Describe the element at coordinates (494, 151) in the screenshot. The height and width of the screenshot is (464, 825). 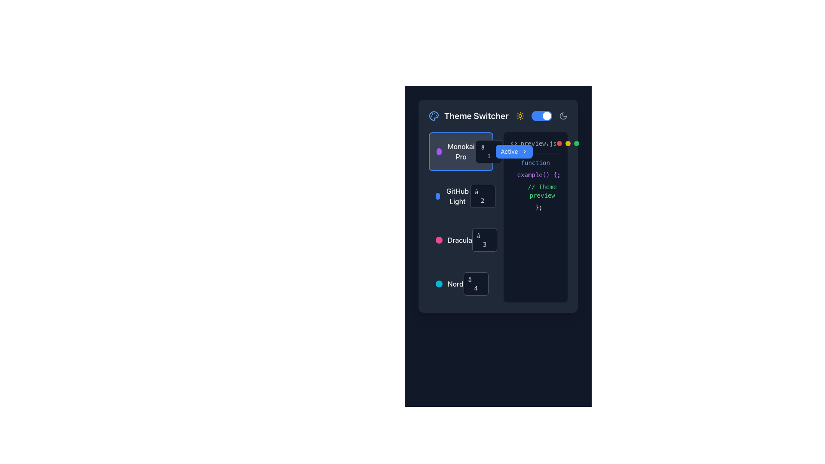
I see `the label containing the text '⌘ 1' with a dark background and rounded corners, located to the right of the 'Monokai Pro' item` at that location.